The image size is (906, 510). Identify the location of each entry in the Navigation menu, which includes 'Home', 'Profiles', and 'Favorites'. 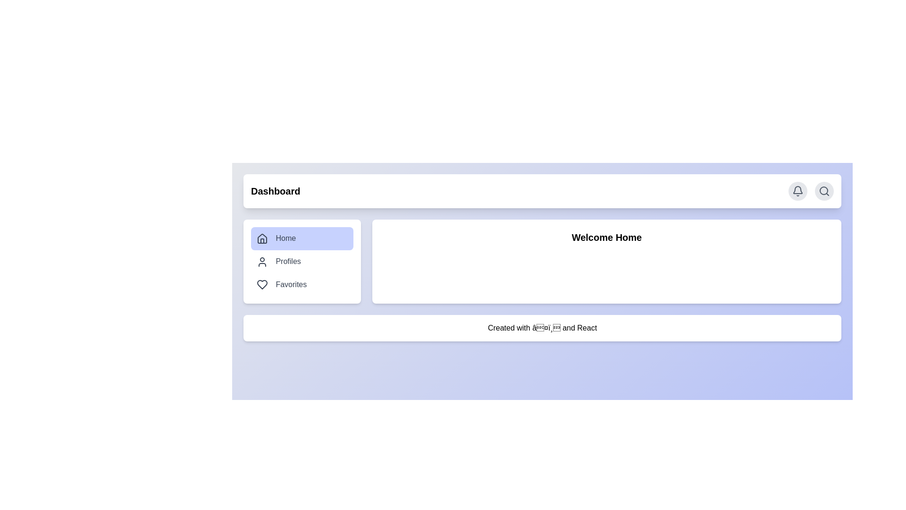
(302, 262).